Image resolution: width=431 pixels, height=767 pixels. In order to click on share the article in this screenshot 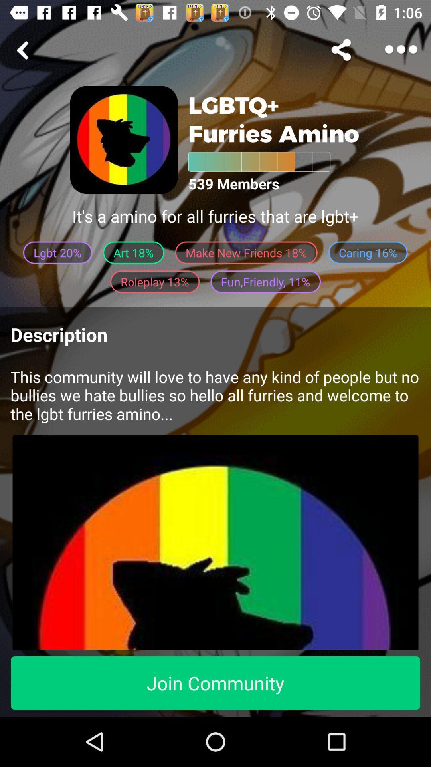, I will do `click(24, 50)`.